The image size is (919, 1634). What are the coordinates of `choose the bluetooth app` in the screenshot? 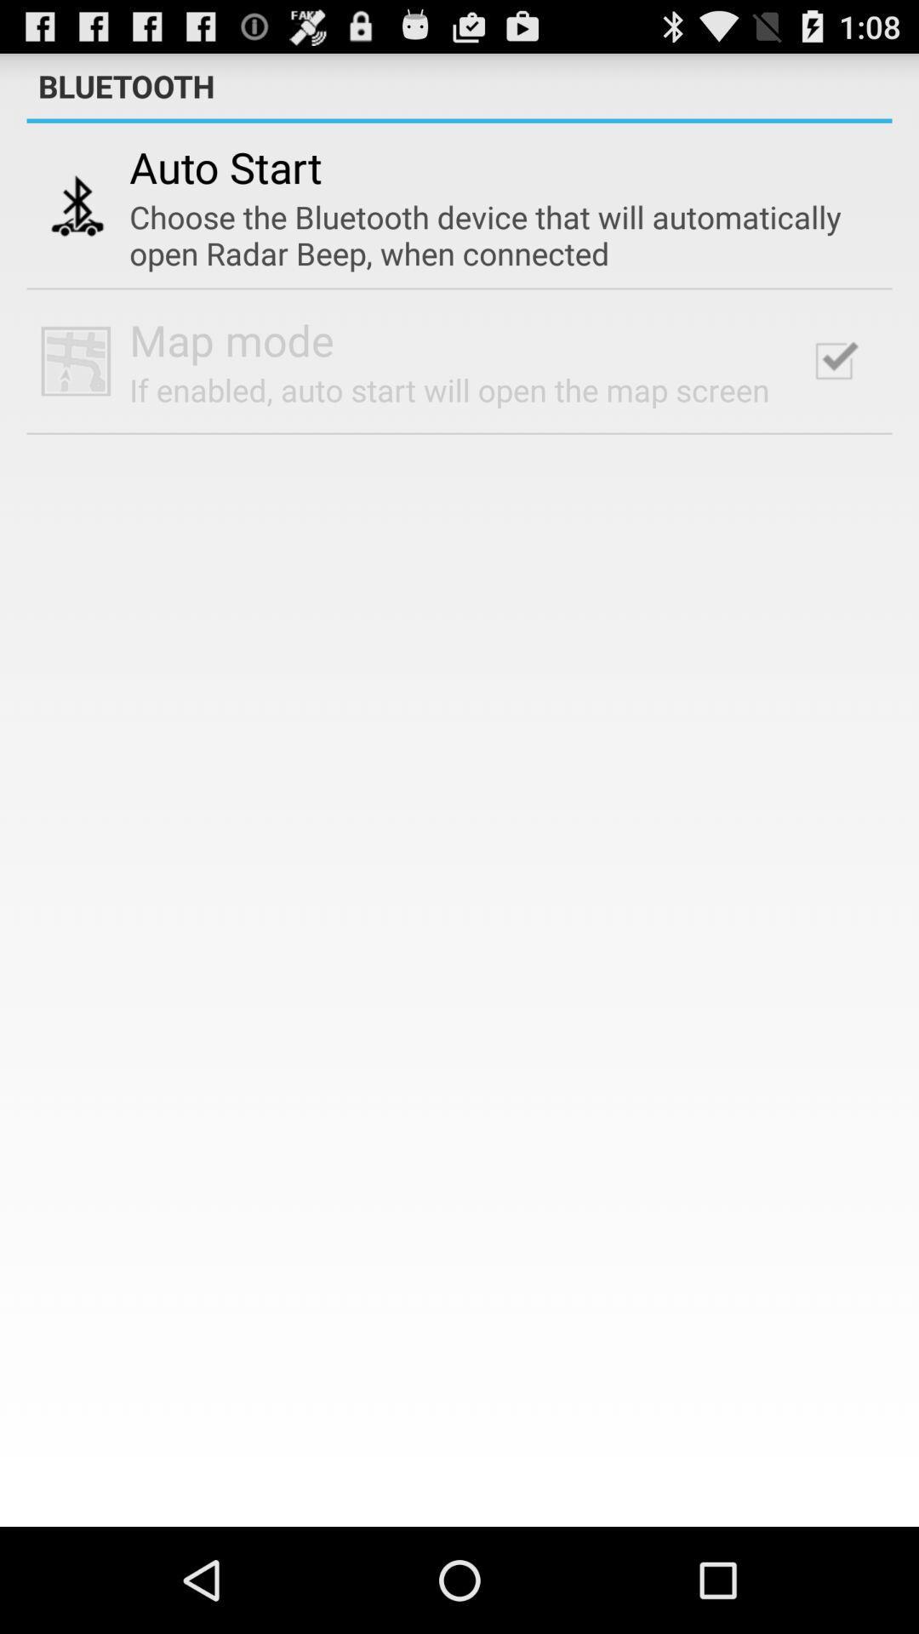 It's located at (493, 234).